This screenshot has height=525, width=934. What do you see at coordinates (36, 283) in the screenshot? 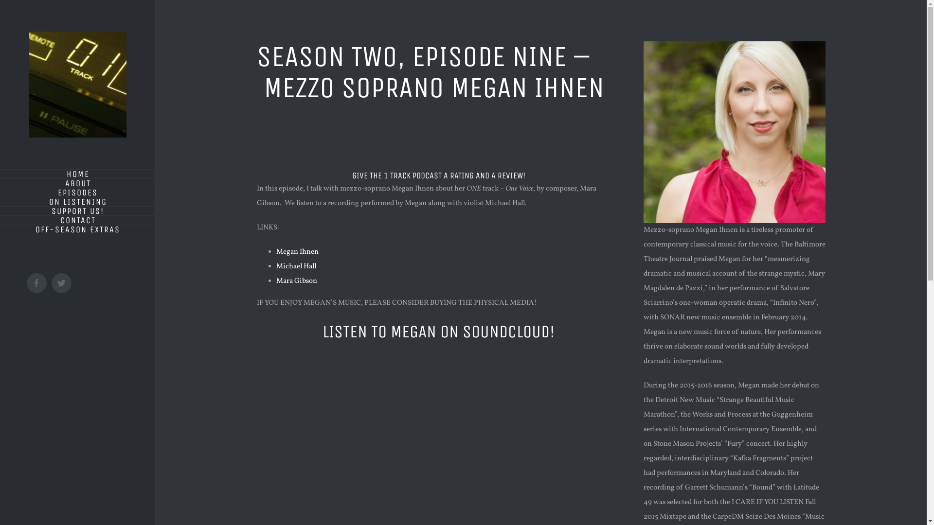
I see `'Facebook'` at bounding box center [36, 283].